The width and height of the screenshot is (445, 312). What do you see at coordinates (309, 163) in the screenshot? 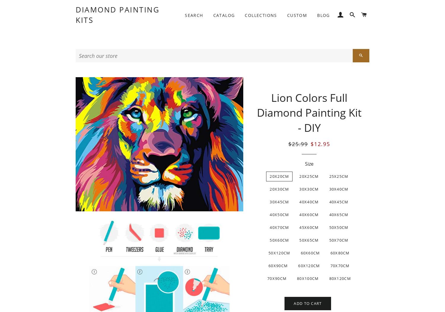
I see `'Size'` at bounding box center [309, 163].